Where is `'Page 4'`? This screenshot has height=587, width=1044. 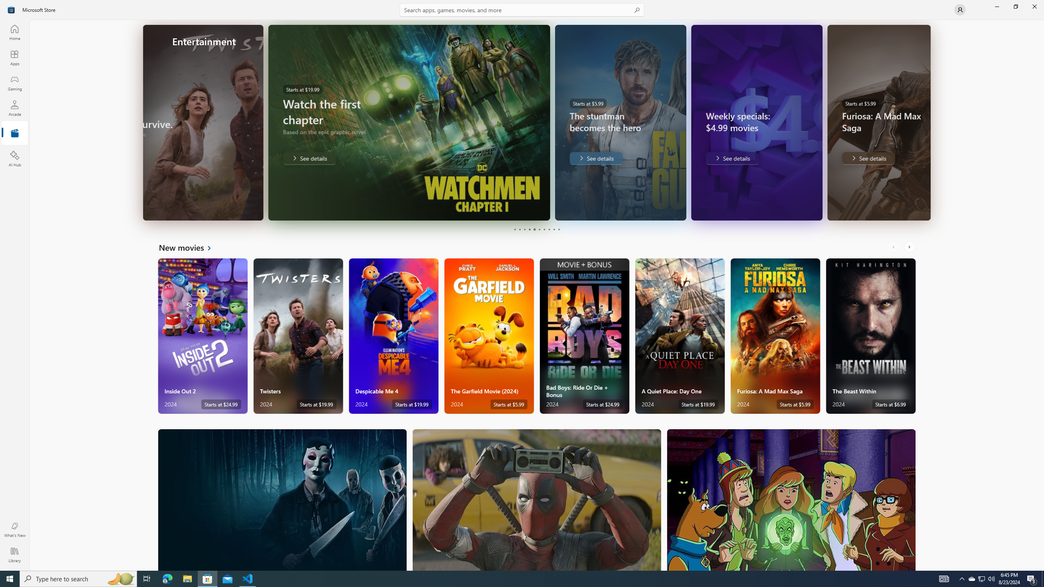 'Page 4' is located at coordinates (529, 229).